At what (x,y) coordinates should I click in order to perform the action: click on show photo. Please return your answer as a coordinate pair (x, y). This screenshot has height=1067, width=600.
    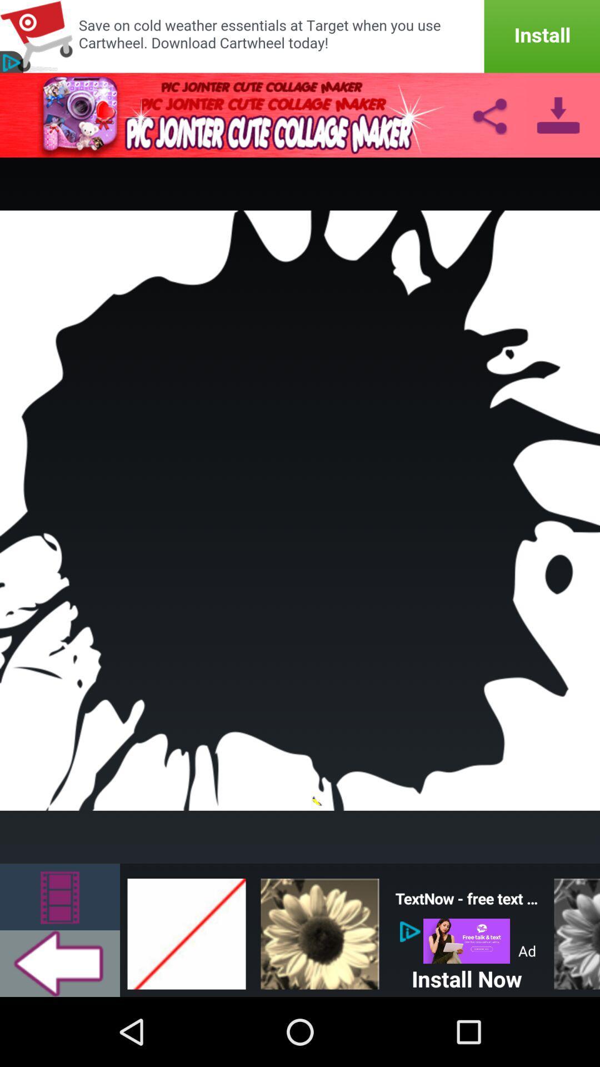
    Looking at the image, I should click on (319, 930).